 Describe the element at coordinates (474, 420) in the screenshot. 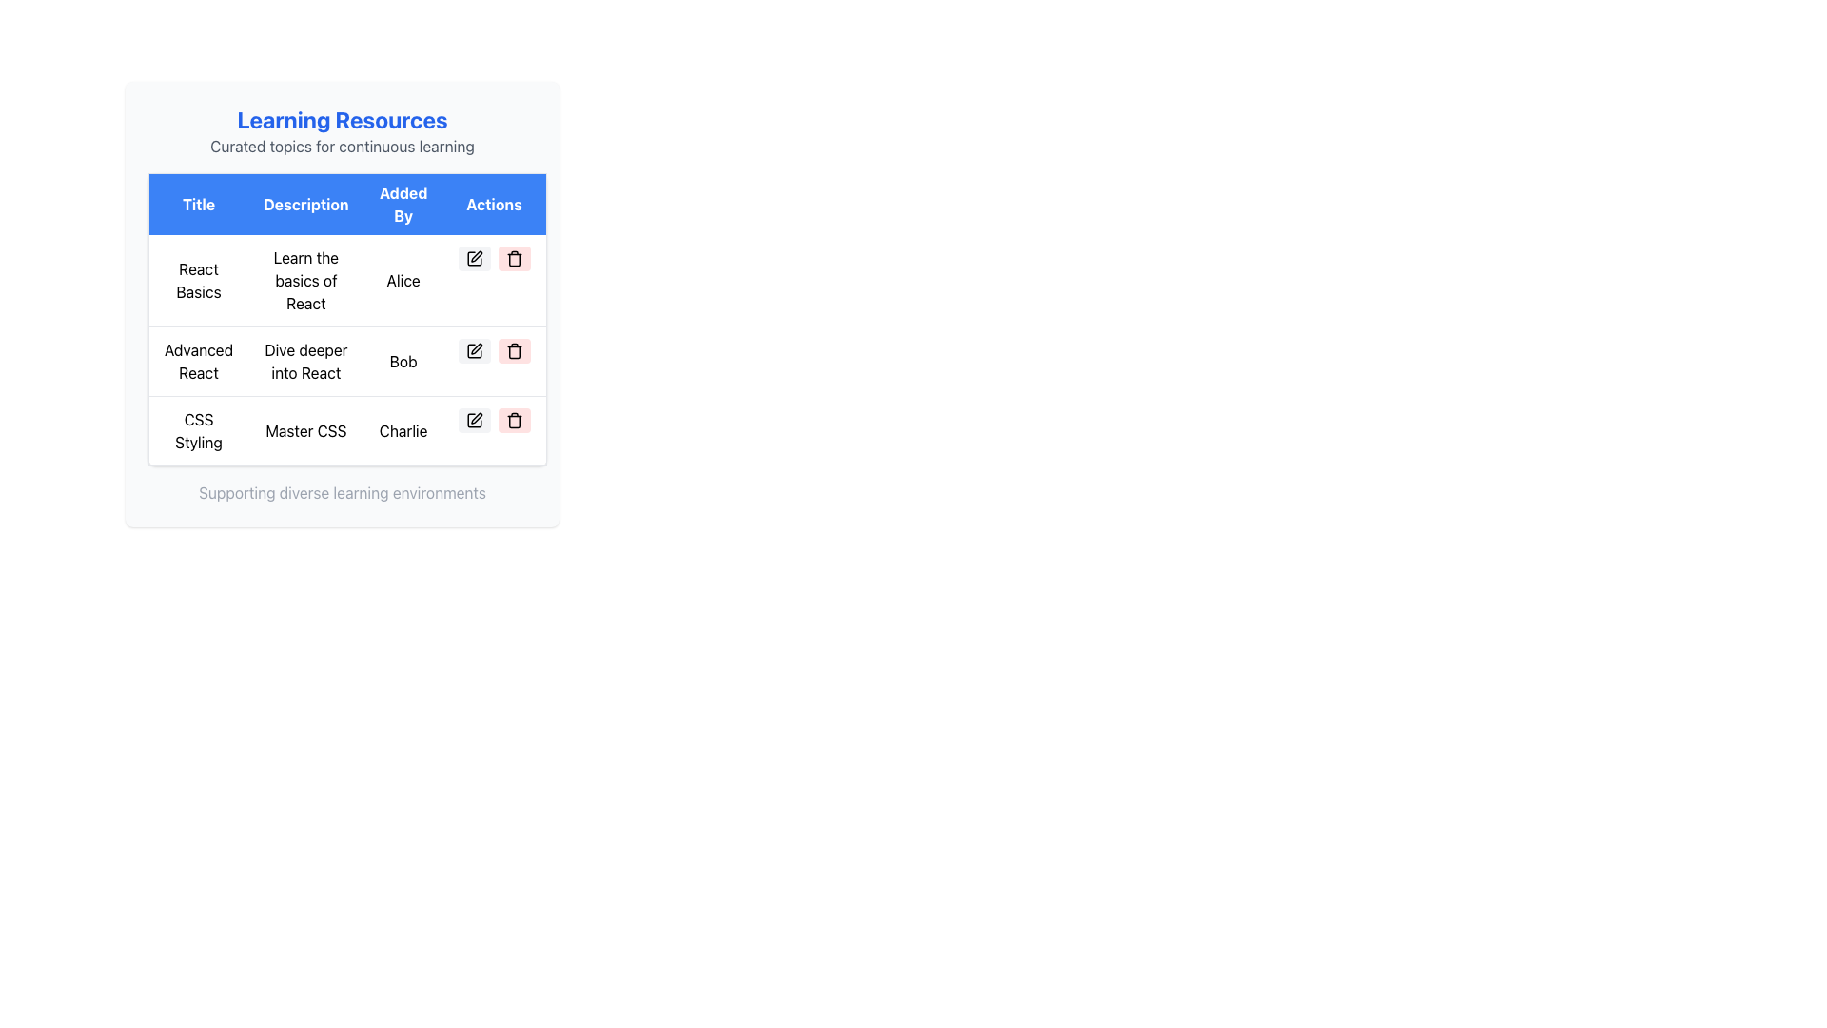

I see `the small rectangular button with rounded corners and a pen icon located in the third row of the 'Actions' column` at that location.